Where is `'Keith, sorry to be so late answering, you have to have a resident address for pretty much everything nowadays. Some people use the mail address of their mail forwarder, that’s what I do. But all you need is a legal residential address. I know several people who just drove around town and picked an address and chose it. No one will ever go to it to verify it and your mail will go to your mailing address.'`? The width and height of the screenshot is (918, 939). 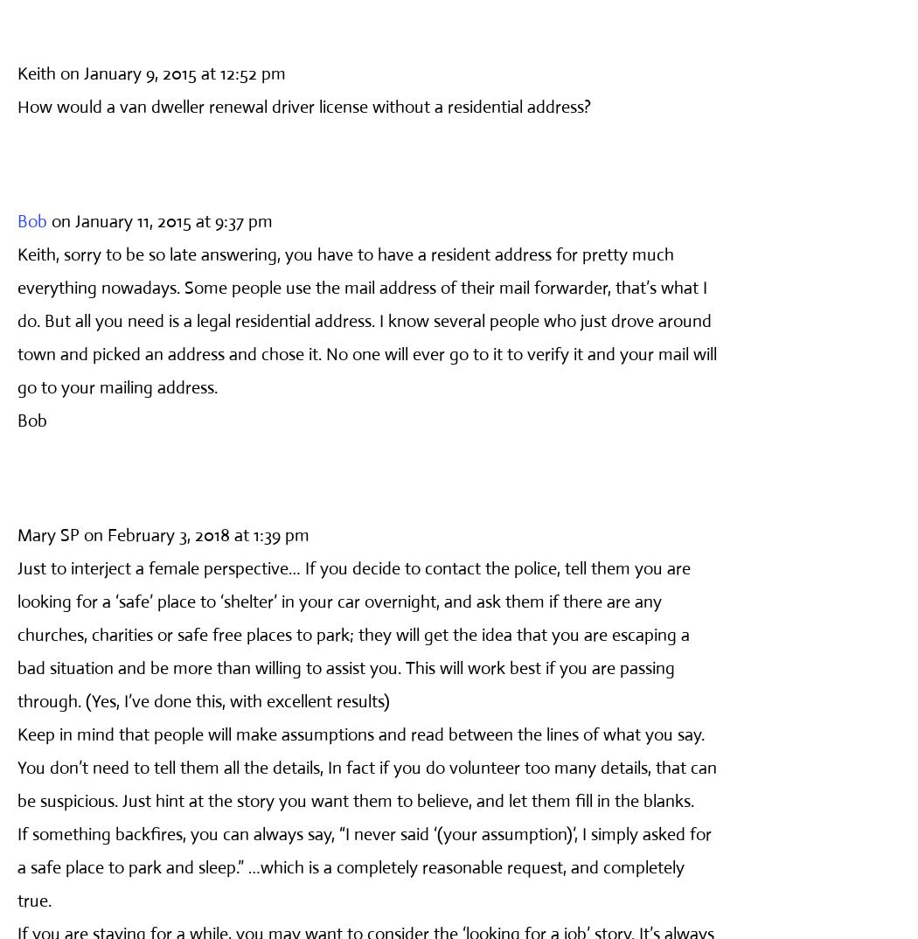
'Keith, sorry to be so late answering, you have to have a resident address for pretty much everything nowadays. Some people use the mail address of their mail forwarder, that’s what I do. But all you need is a legal residential address. I know several people who just drove around town and picked an address and chose it. No one will ever go to it to verify it and your mail will go to your mailing address.' is located at coordinates (17, 319).